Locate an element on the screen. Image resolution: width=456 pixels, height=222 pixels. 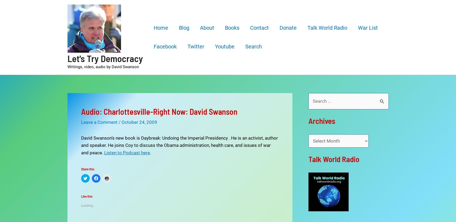
'October 24, 2009' is located at coordinates (139, 122).